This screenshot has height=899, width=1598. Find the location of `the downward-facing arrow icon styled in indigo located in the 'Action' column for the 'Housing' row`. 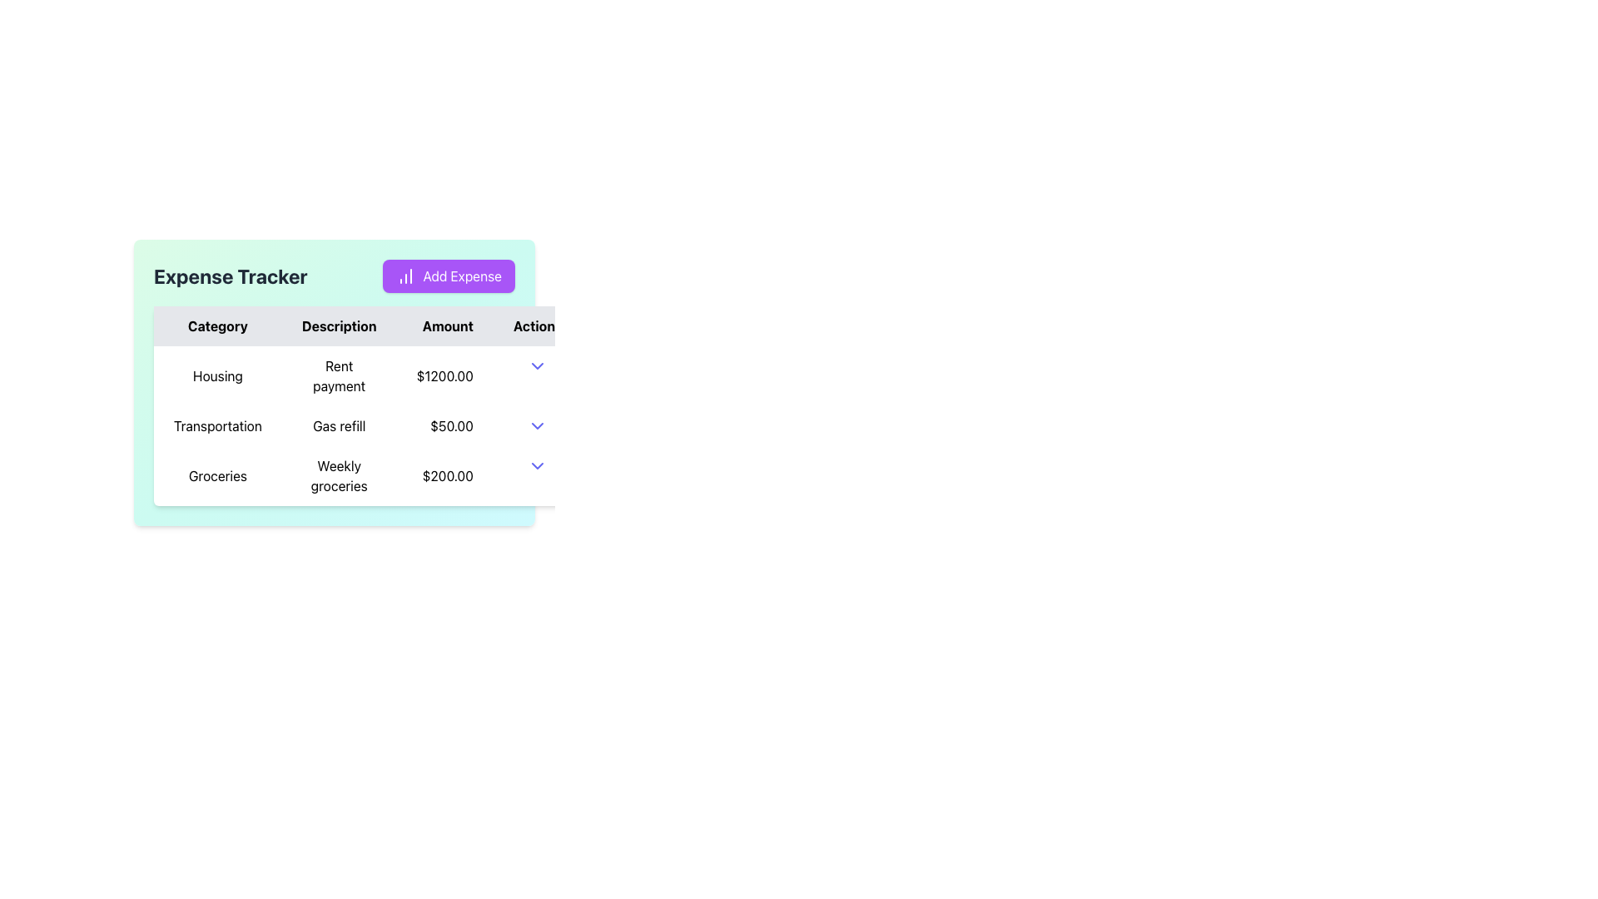

the downward-facing arrow icon styled in indigo located in the 'Action' column for the 'Housing' row is located at coordinates (538, 365).